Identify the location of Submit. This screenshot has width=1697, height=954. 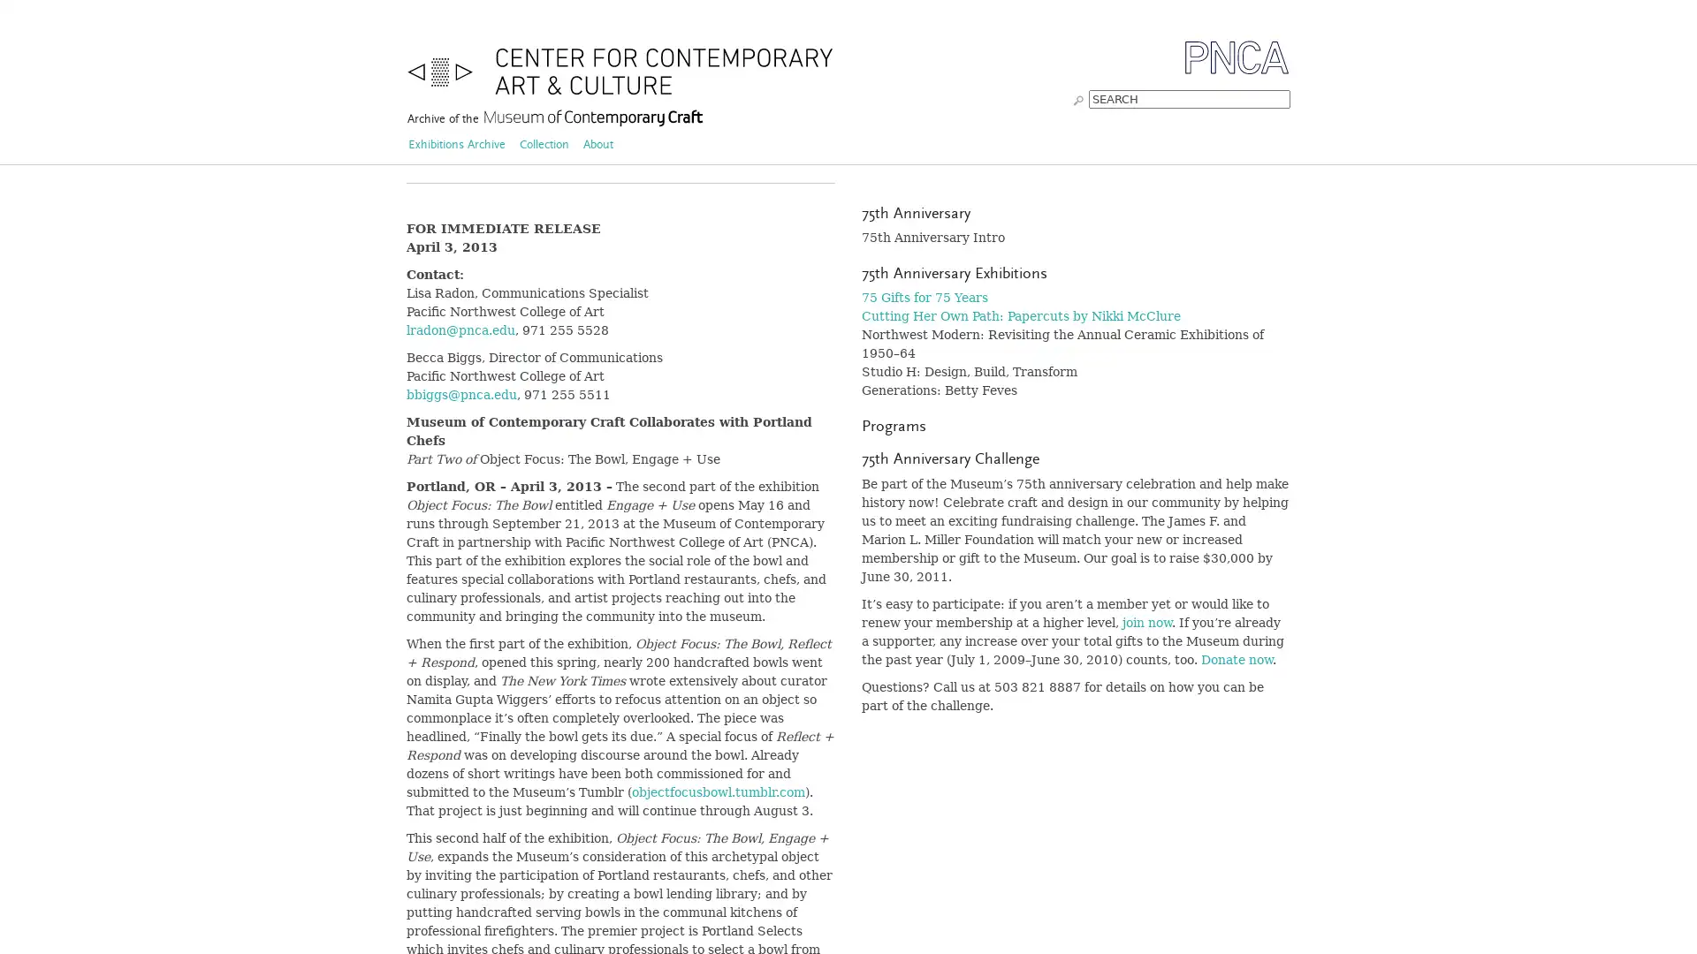
(1077, 98).